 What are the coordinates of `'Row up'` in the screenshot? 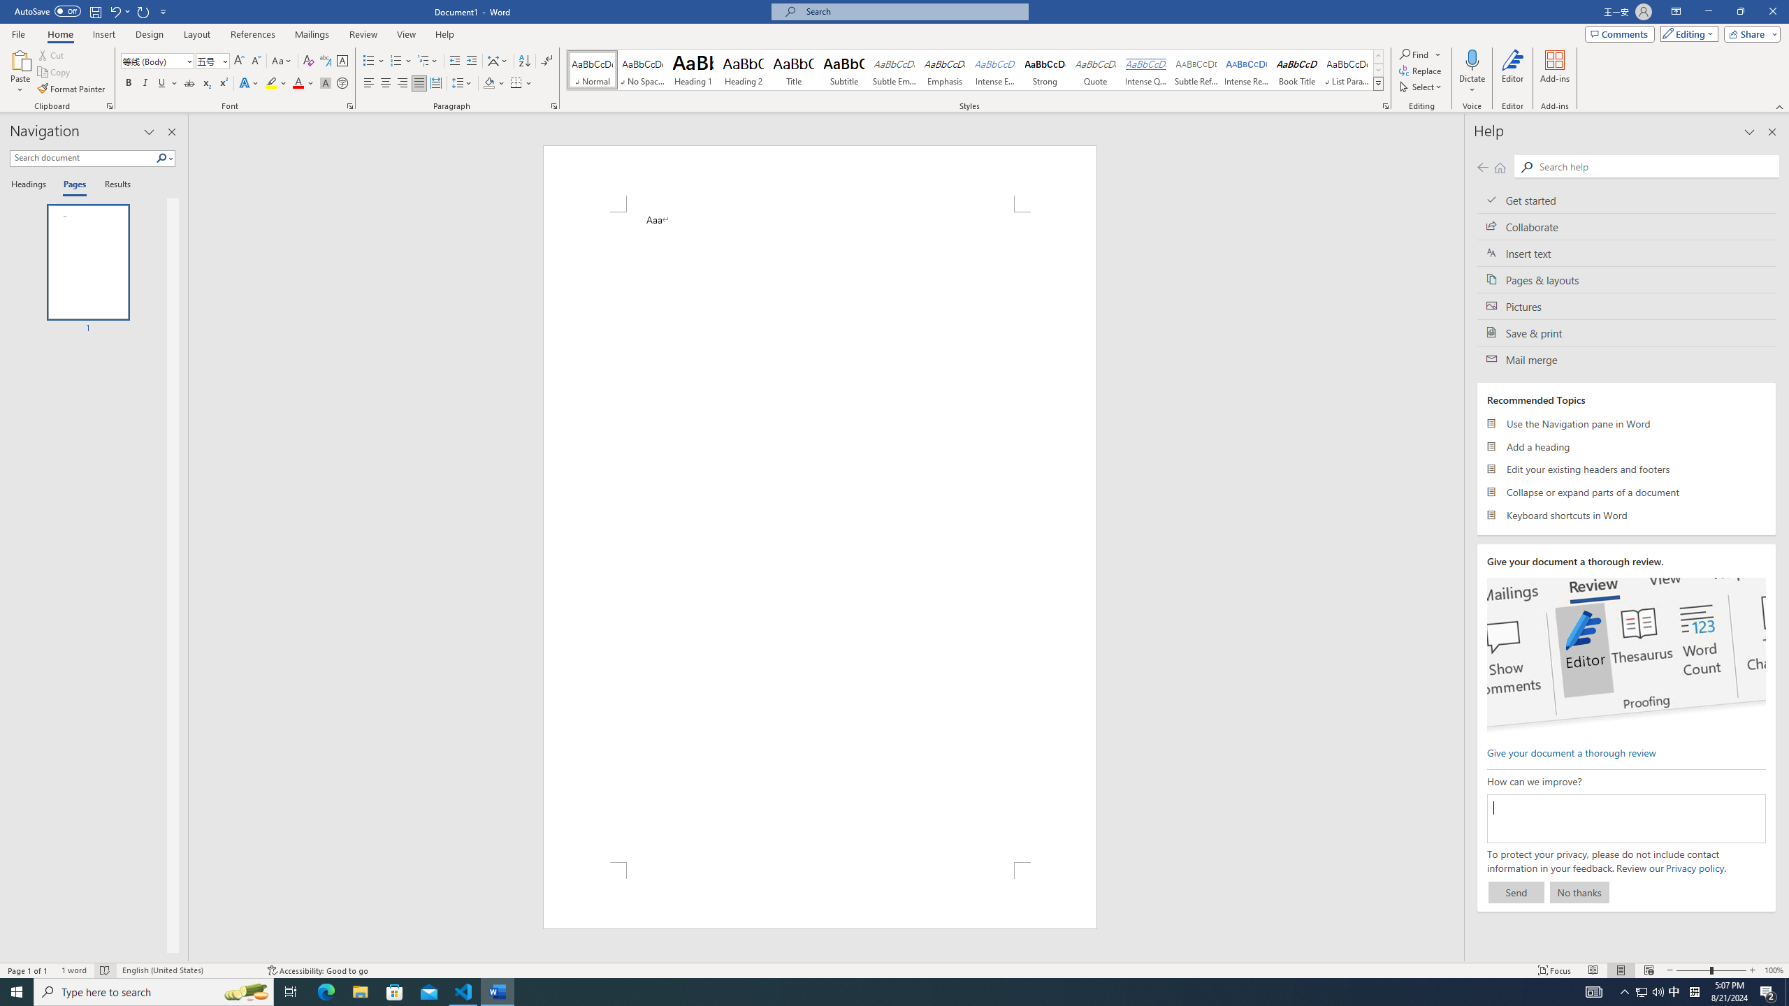 It's located at (1378, 56).